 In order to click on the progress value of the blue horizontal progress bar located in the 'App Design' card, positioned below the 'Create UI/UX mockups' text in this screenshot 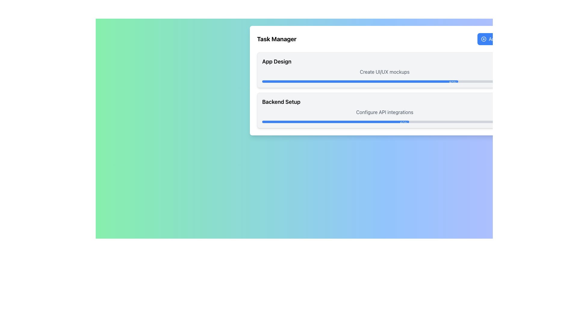, I will do `click(384, 81)`.